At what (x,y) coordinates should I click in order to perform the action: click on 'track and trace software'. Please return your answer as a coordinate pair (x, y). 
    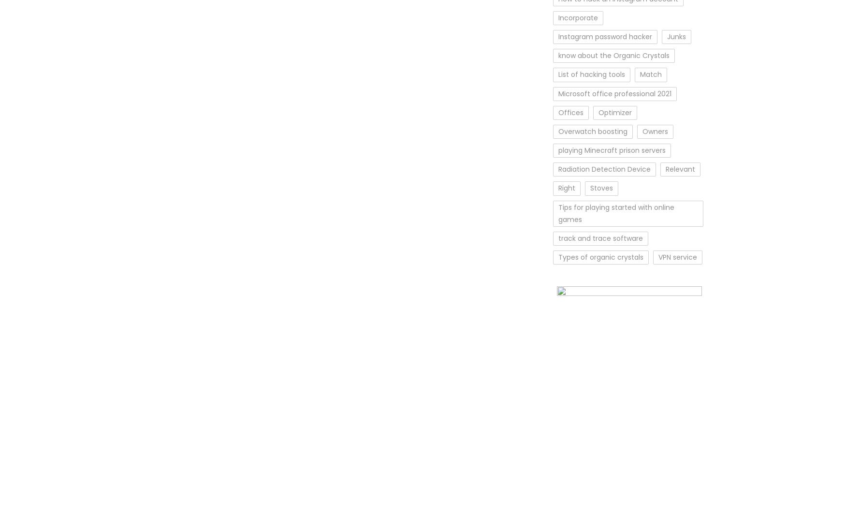
    Looking at the image, I should click on (600, 237).